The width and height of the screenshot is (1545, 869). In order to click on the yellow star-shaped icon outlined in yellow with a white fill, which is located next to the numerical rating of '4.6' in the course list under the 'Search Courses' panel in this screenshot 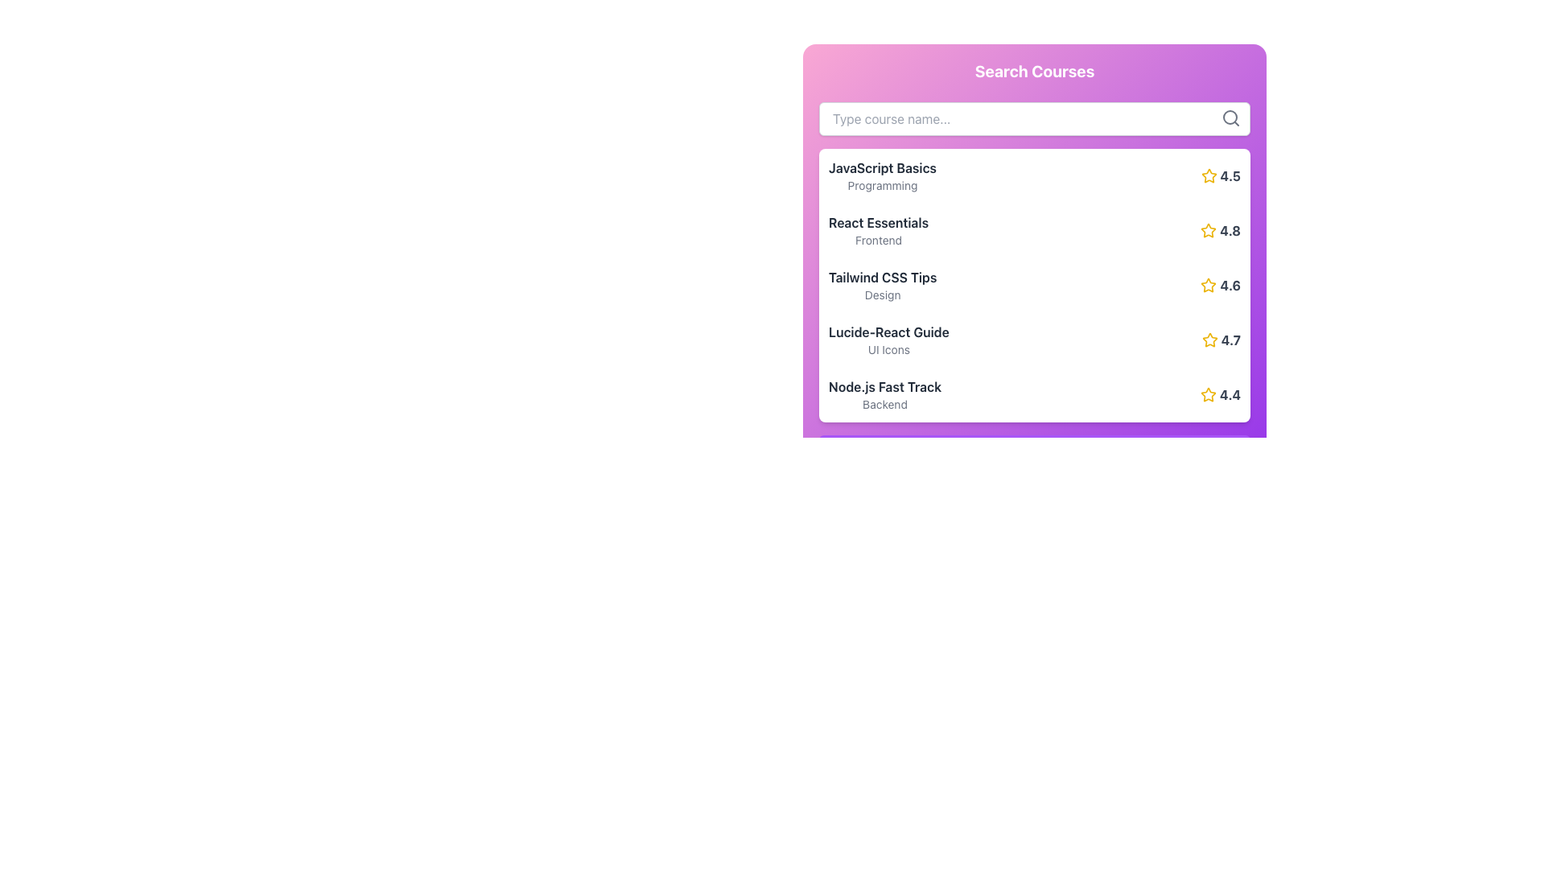, I will do `click(1209, 284)`.